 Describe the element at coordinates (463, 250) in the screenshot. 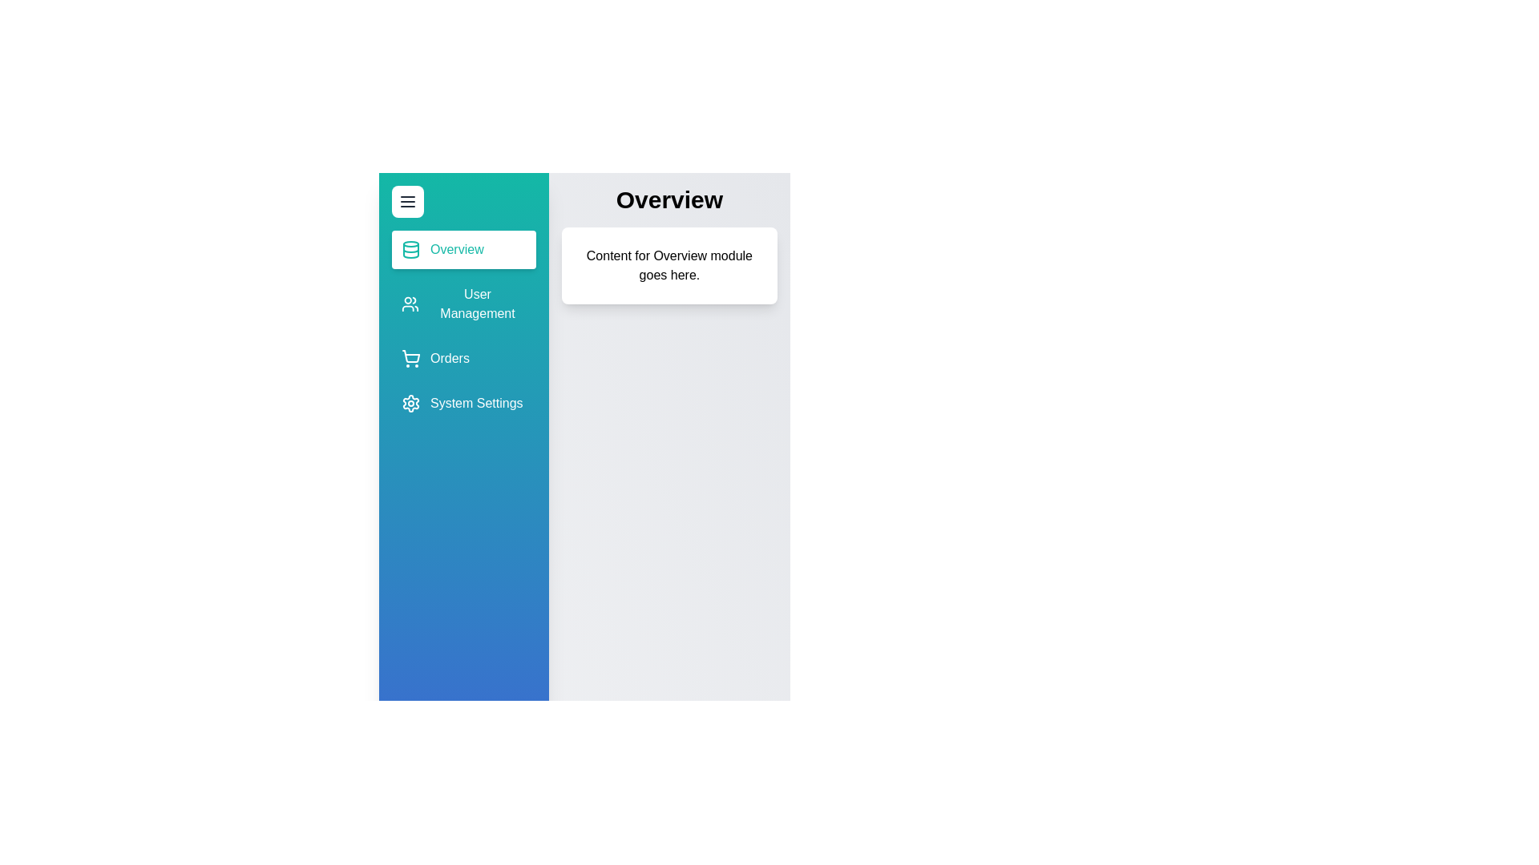

I see `the sidebar item corresponding to Overview` at that location.